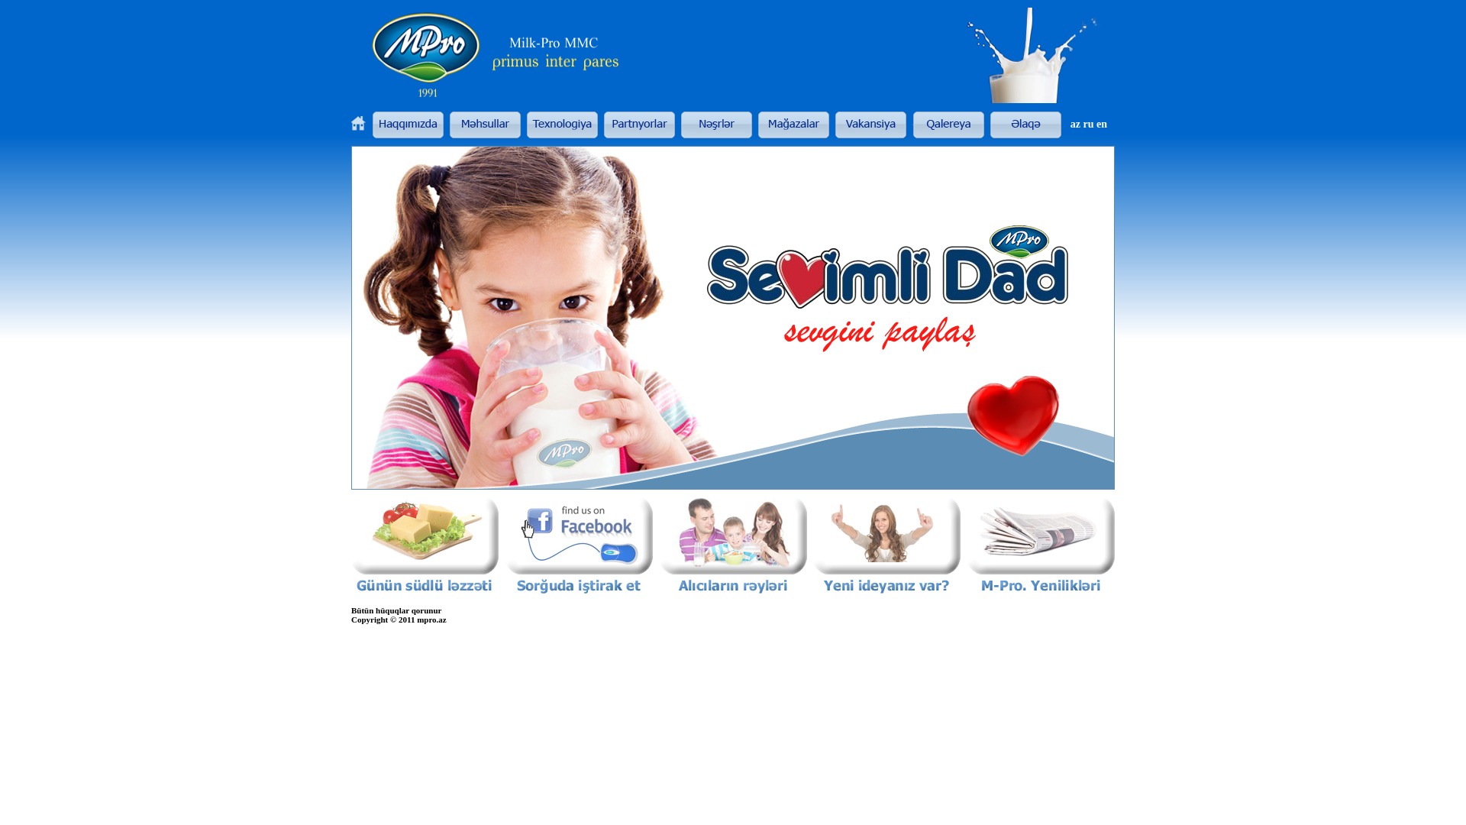  I want to click on 'az', so click(1074, 123).